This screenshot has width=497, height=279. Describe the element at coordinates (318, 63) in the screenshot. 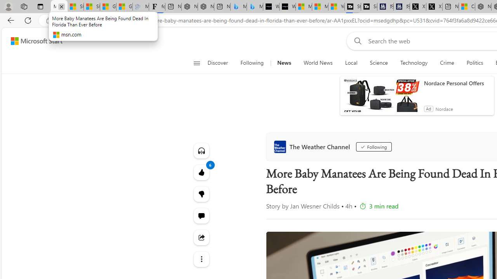

I see `'World News'` at that location.